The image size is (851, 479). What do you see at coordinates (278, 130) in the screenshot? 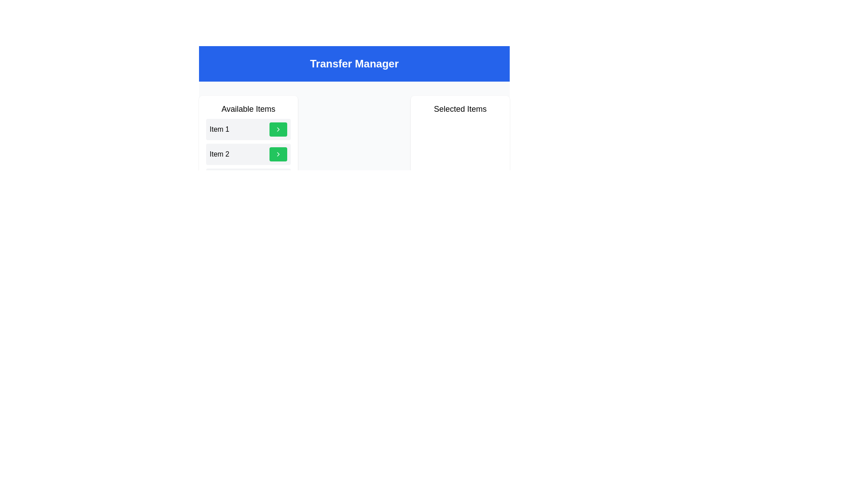
I see `the green rectangular button with rounded corners containing a right-facing white chevron icon, located to the right of 'Item 1' in the 'Available Items' section` at bounding box center [278, 130].